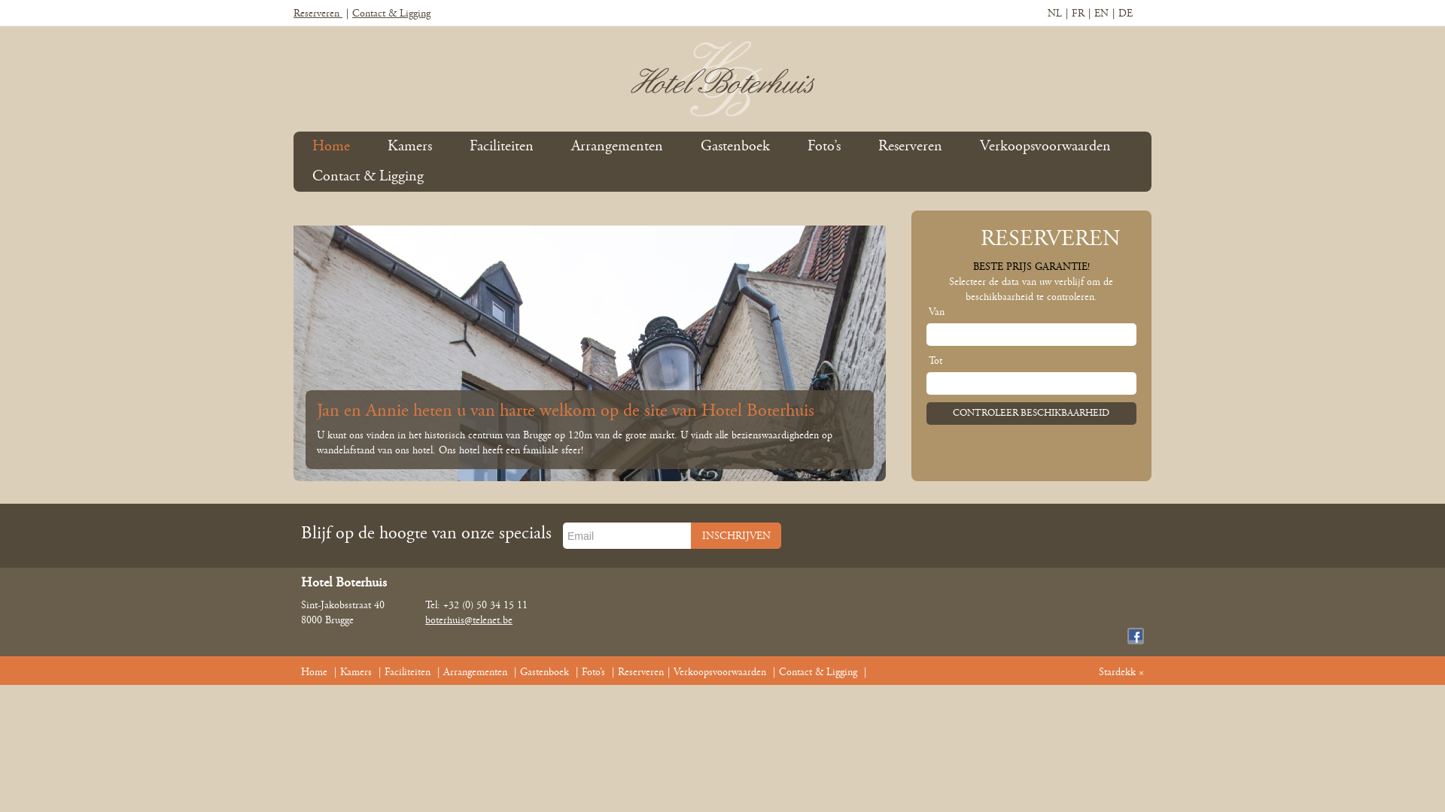  Describe the element at coordinates (722, 78) in the screenshot. I see `'Hotel Boterhuis'` at that location.